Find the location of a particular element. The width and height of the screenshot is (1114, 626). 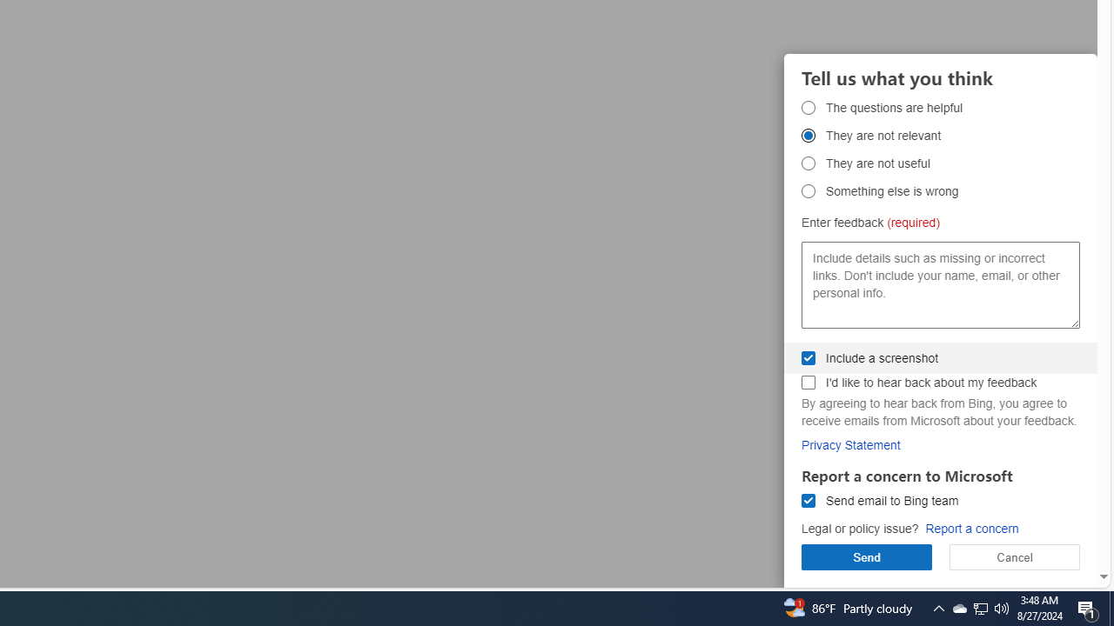

'They are not relevant They are not relevant' is located at coordinates (808, 135).